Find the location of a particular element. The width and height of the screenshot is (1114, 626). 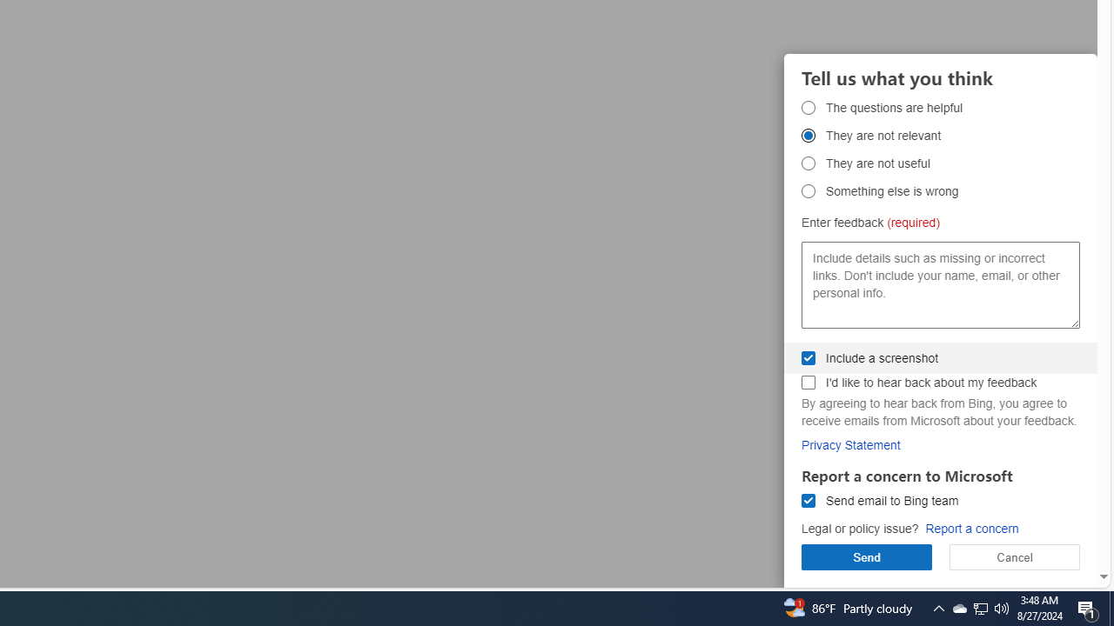

'They are not relevant They are not relevant' is located at coordinates (808, 135).